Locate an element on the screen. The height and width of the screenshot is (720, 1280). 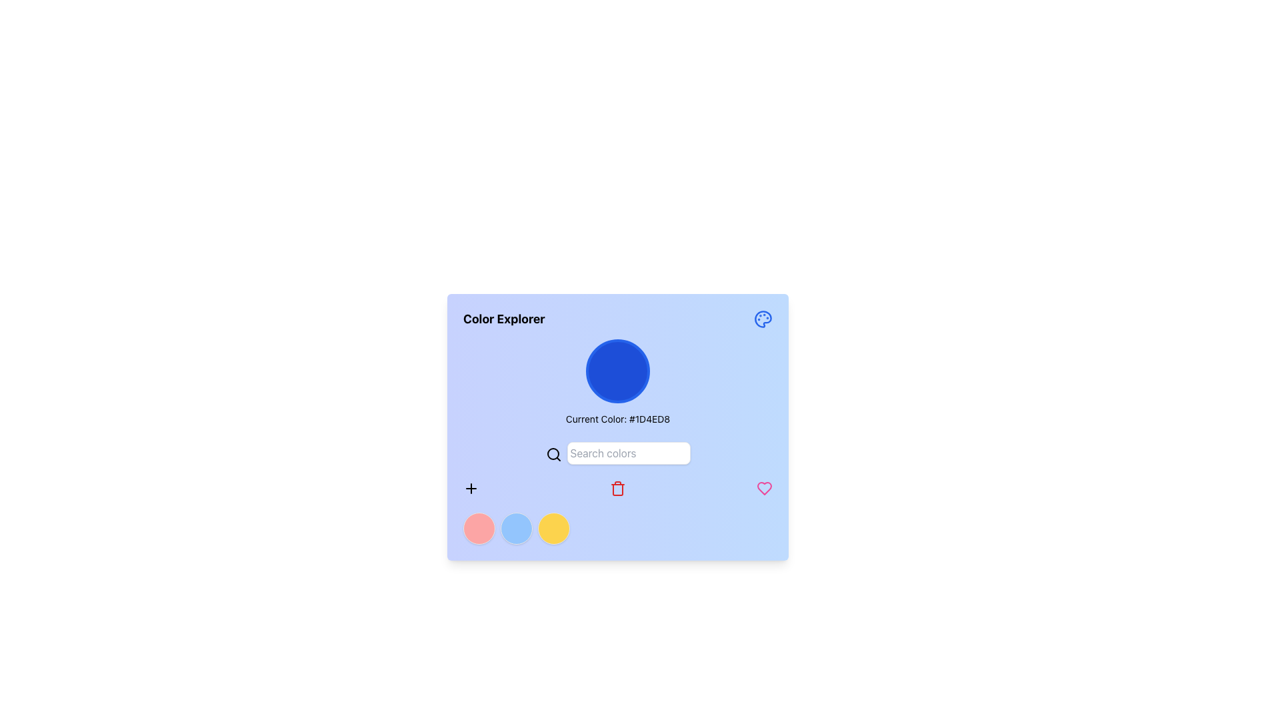
the text input field for searching colors, which features a search icon on the left and placeholder text 'Search colors' inside it is located at coordinates (617, 452).